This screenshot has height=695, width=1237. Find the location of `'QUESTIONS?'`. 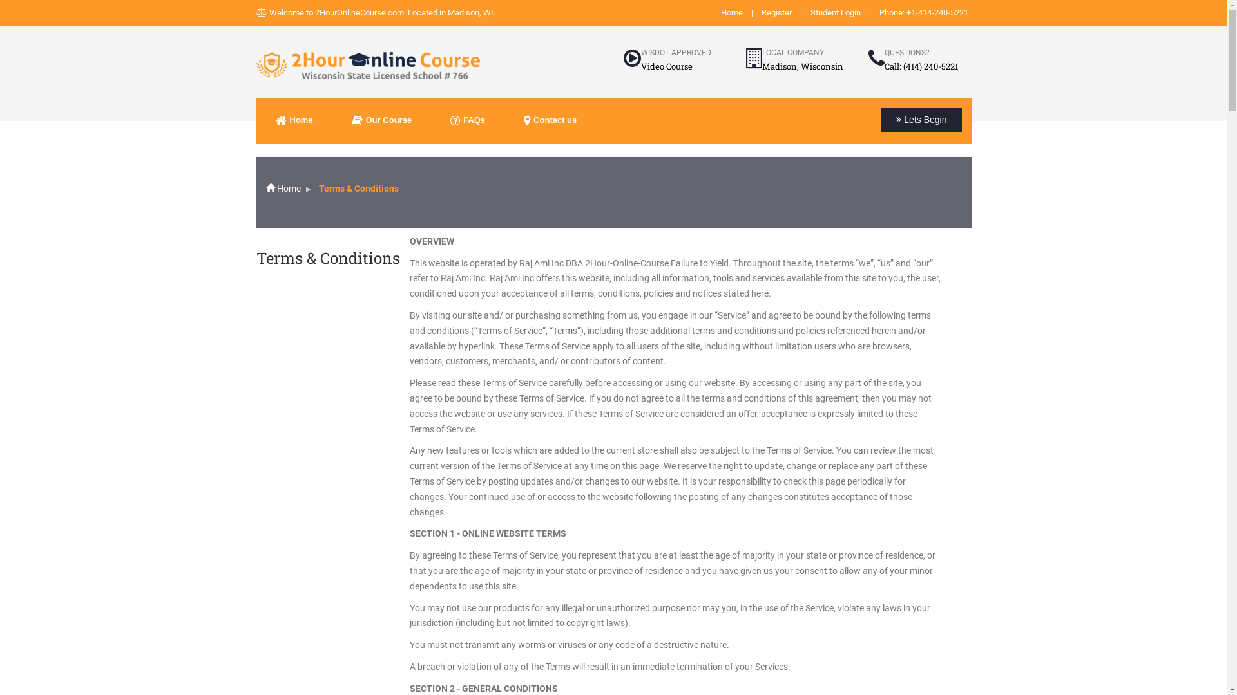

'QUESTIONS?' is located at coordinates (905, 51).